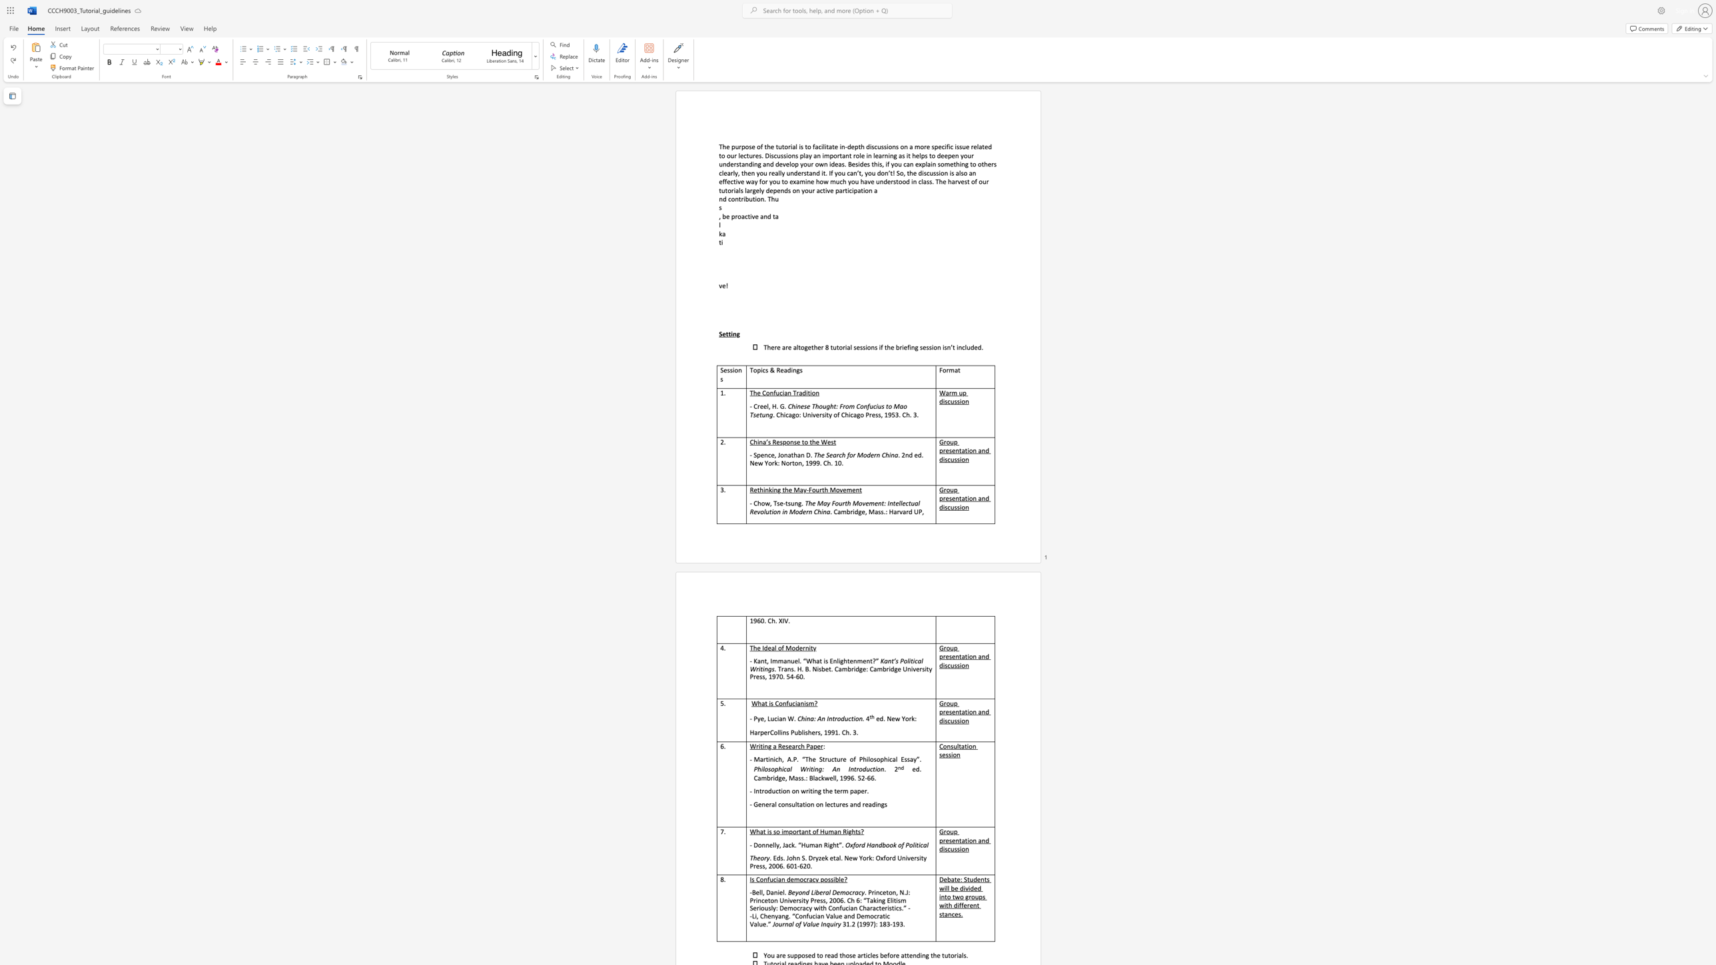  Describe the element at coordinates (792, 369) in the screenshot. I see `the subset text "ng" within the text "Topics & Readings"` at that location.